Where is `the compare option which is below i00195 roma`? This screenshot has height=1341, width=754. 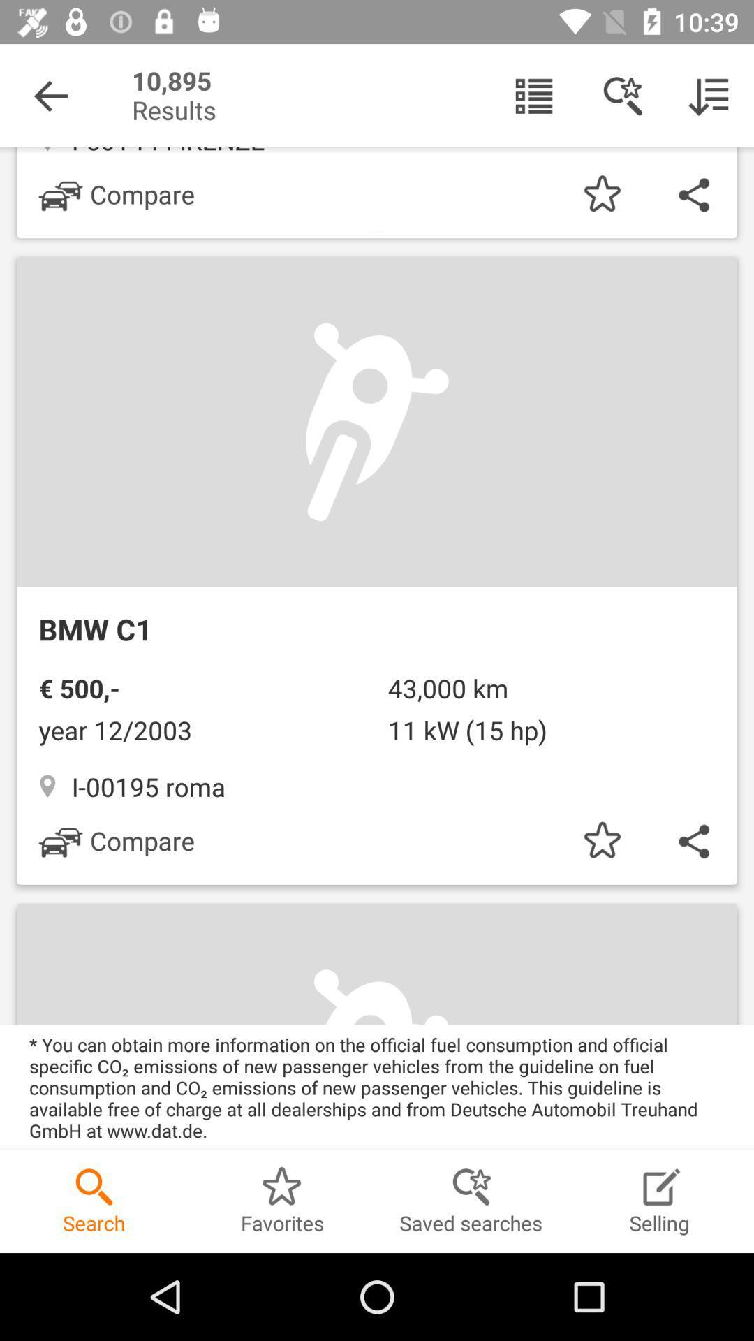
the compare option which is below i00195 roma is located at coordinates (116, 840).